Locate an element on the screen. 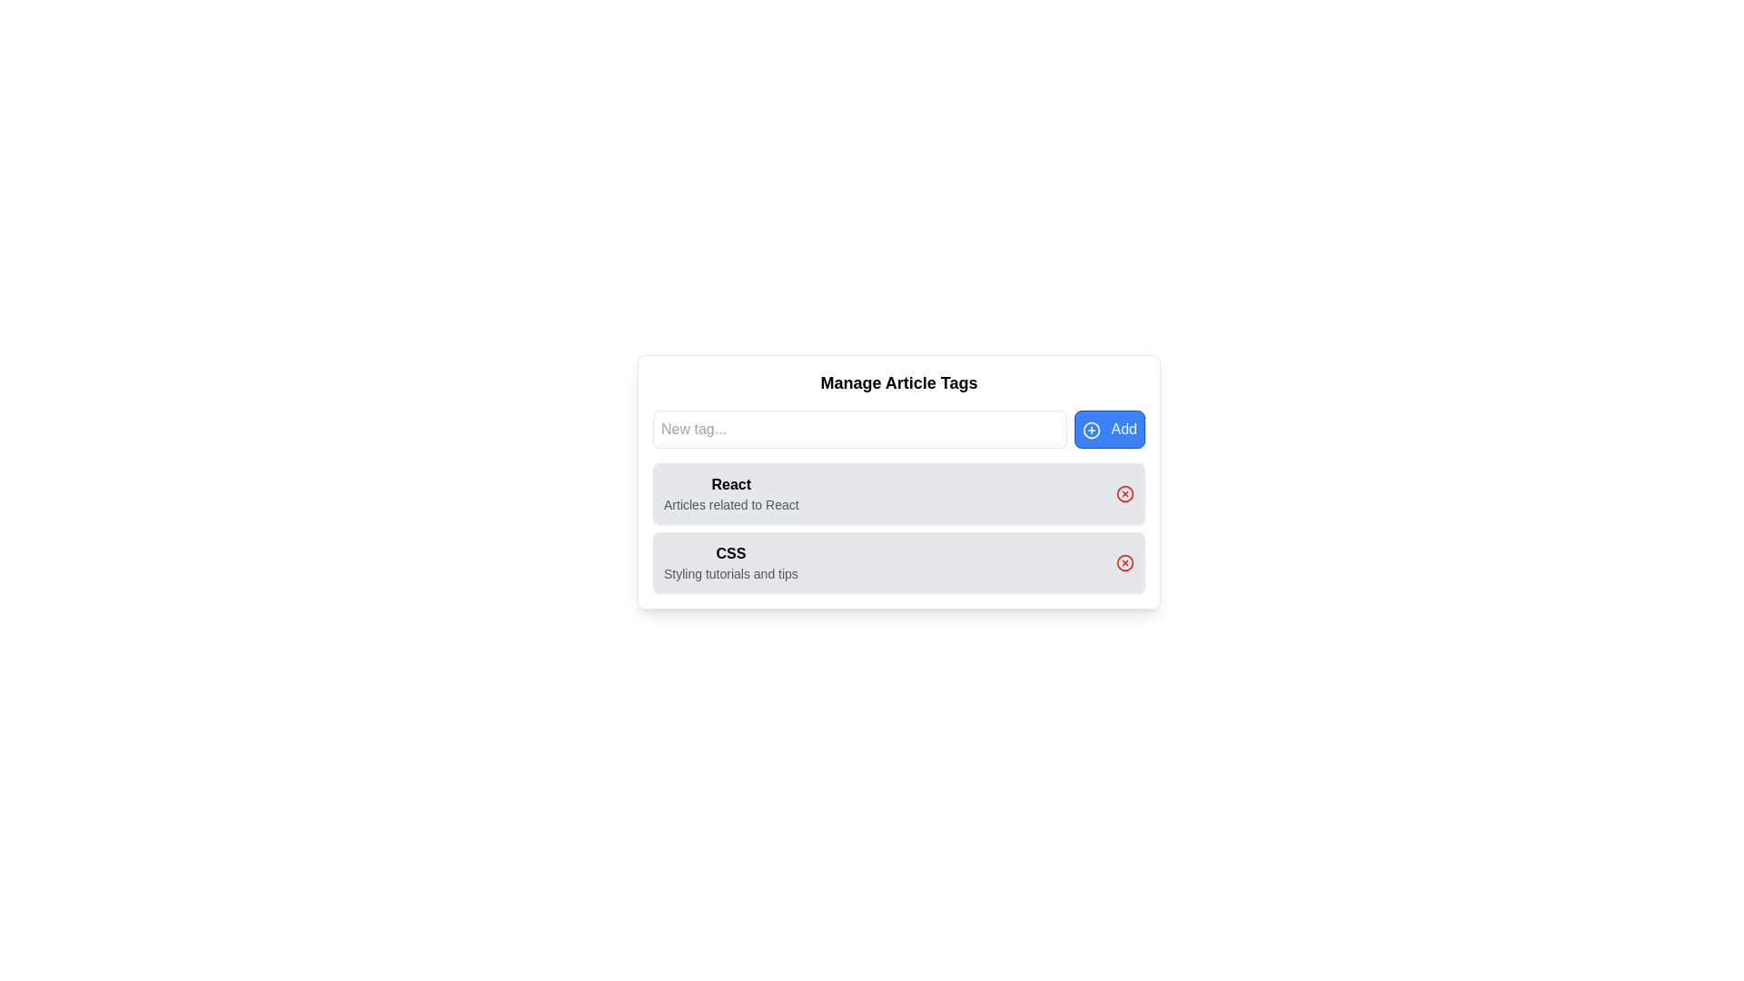  the Text label providing a description about the tag 'React', which is located directly below the bold title 'React' in the 'Manage Article Tags' section is located at coordinates (731, 504).